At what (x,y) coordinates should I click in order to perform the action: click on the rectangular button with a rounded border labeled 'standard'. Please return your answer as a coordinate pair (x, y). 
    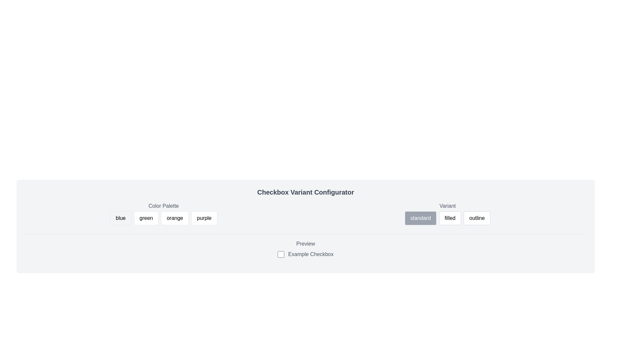
    Looking at the image, I should click on (420, 218).